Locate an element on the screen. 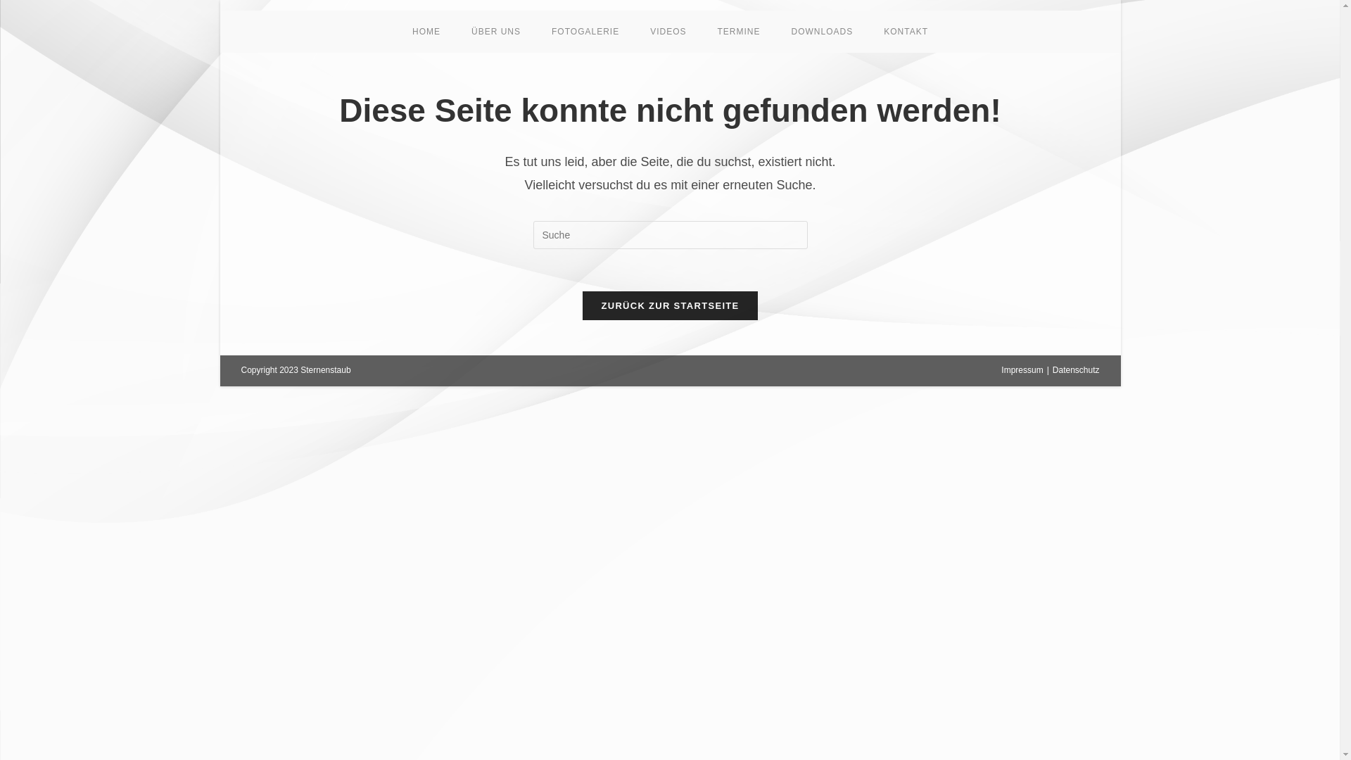 The width and height of the screenshot is (1351, 760). 'Impressum' is located at coordinates (1022, 369).